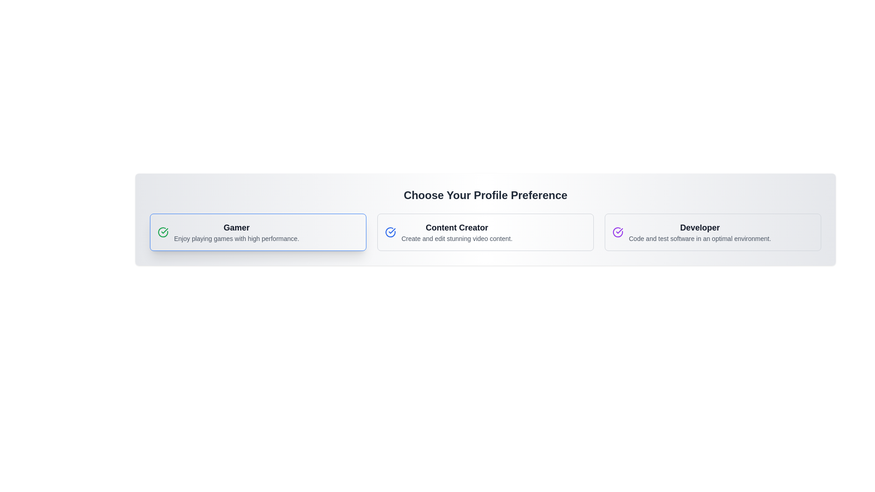 The width and height of the screenshot is (875, 492). What do you see at coordinates (237, 238) in the screenshot?
I see `descriptive text label 'Enjoy playing games with high performance.' located below the title 'Gamer' in the user profile preferences` at bounding box center [237, 238].